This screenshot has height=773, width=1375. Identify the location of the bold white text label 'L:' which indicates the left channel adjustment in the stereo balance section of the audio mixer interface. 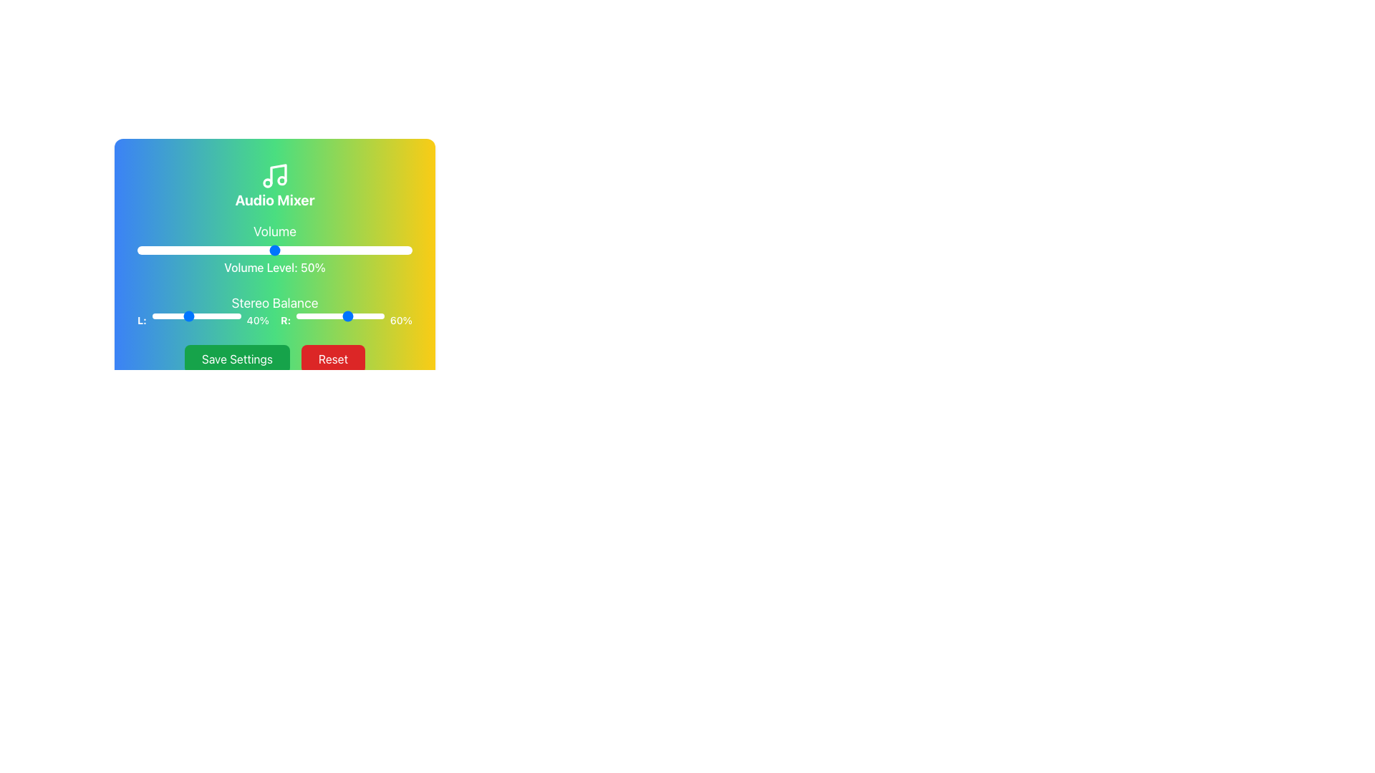
(142, 319).